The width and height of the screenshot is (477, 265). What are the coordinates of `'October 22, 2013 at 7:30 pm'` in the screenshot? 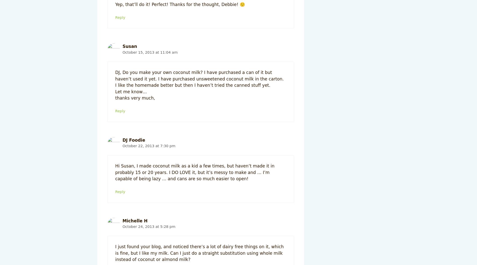 It's located at (149, 145).